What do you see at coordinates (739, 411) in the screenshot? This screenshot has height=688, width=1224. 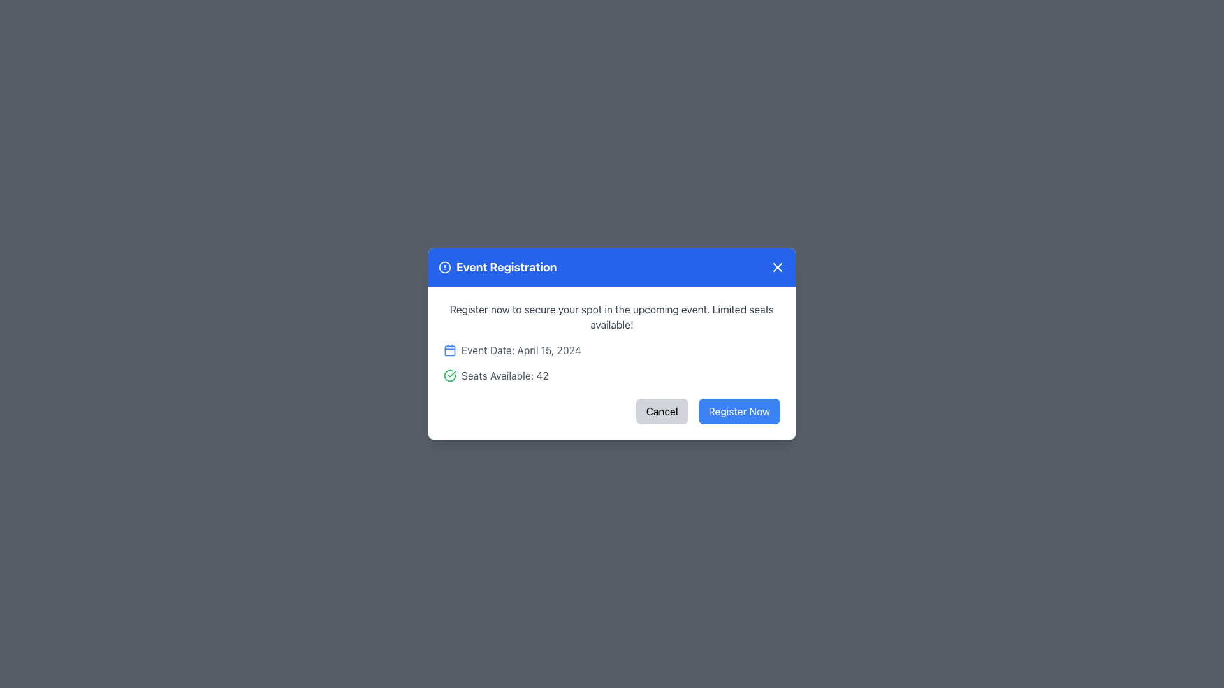 I see `the 'Register Now' button` at bounding box center [739, 411].